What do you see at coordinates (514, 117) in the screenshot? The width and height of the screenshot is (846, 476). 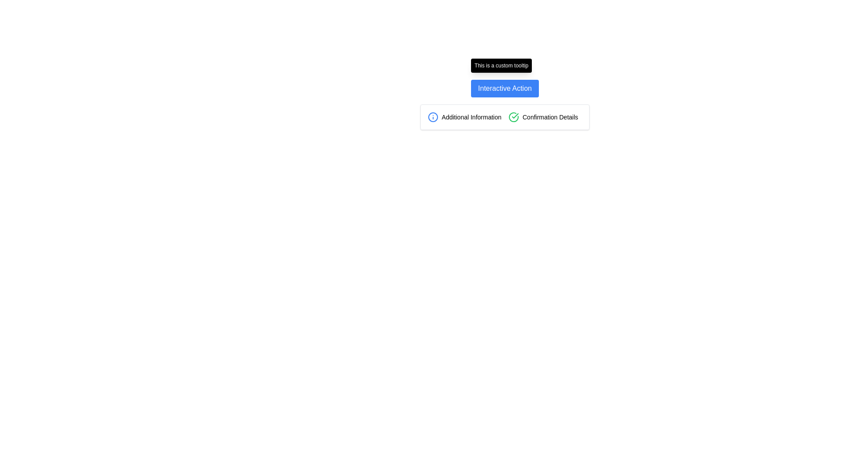 I see `the green circular icon representing a confirmation indicator, which is located to the right of the 'Confirmation Details' segment` at bounding box center [514, 117].